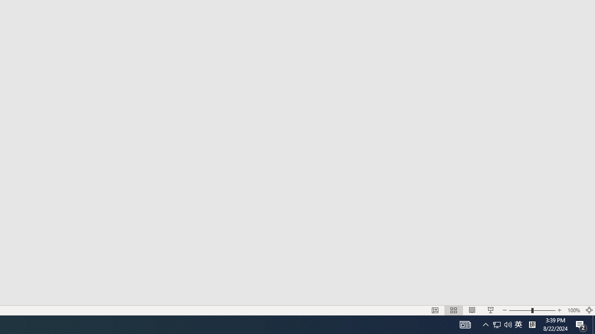  I want to click on 'Notification Chevron', so click(485, 324).